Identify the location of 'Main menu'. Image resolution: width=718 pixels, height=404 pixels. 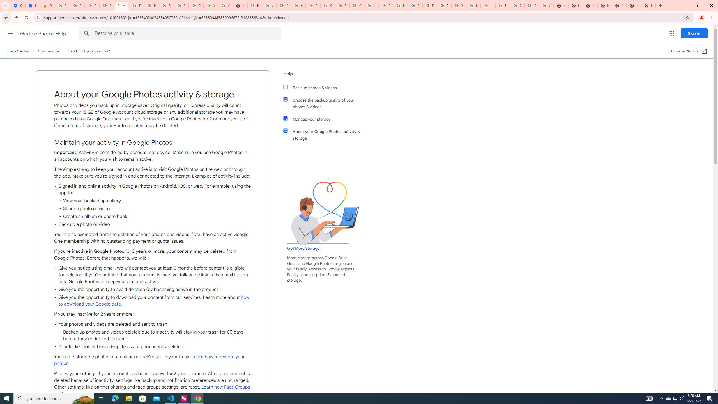
(10, 33).